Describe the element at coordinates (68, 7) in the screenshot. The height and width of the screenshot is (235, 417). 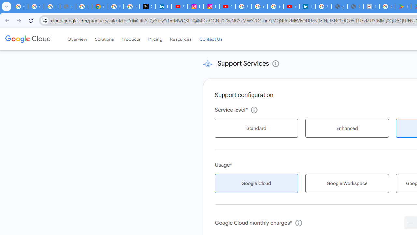
I see `'support.google.com - Network error'` at that location.